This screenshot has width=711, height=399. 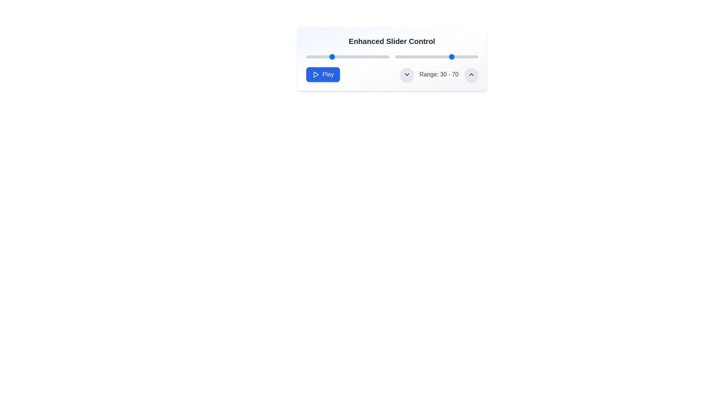 I want to click on the slider, so click(x=306, y=57).